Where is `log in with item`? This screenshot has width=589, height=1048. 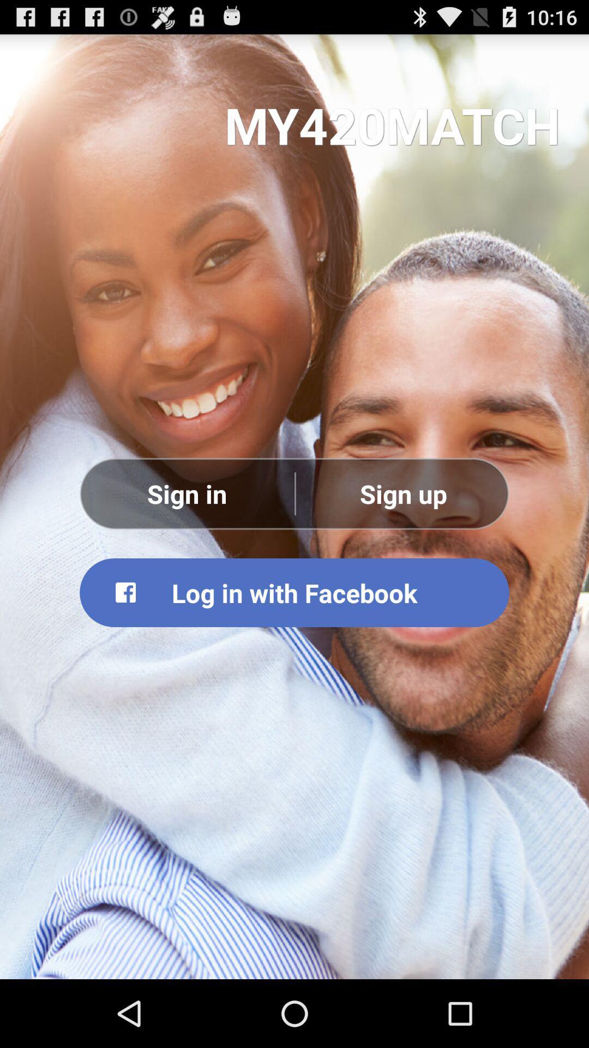 log in with item is located at coordinates (294, 592).